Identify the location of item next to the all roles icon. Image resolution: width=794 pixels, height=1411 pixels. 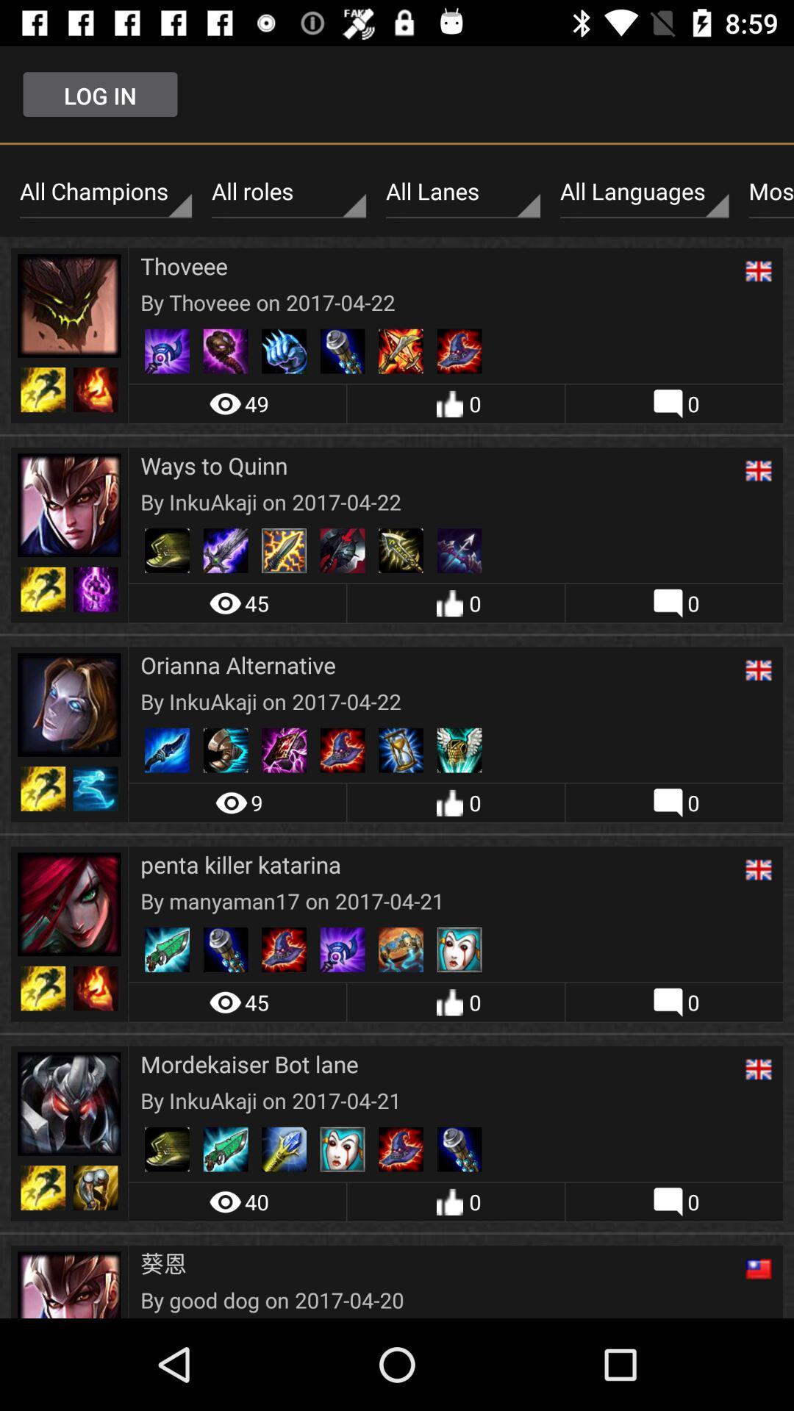
(104, 191).